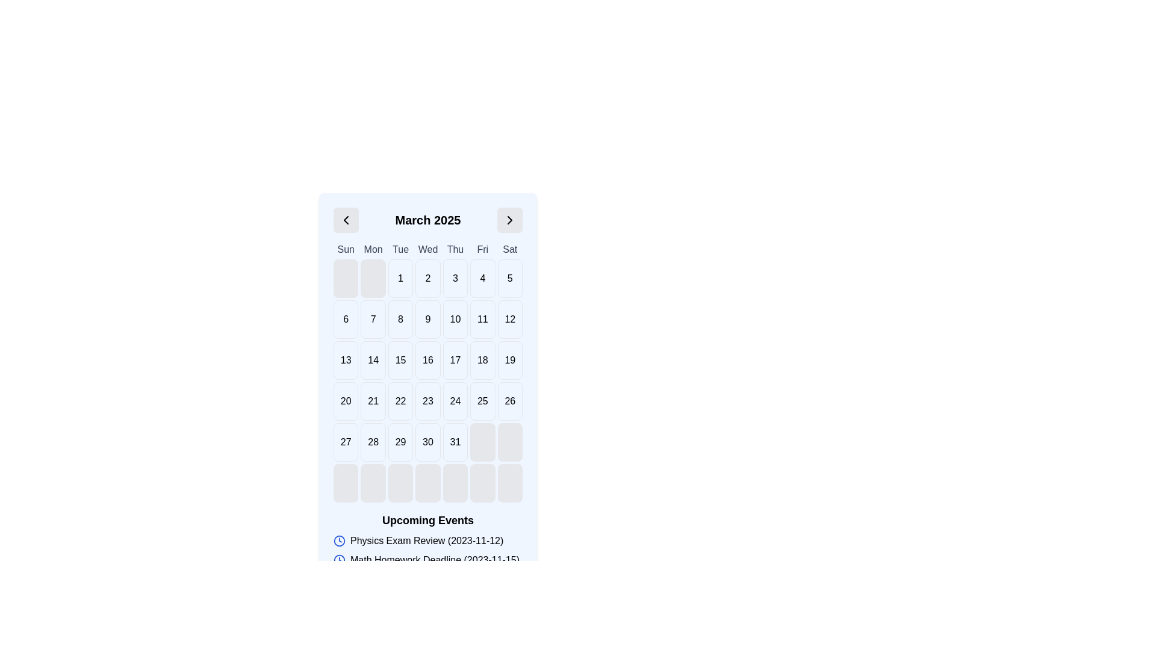 This screenshot has width=1156, height=650. I want to click on the clickable date field representing the date '3' in the March 2025 calendar grid, so click(455, 278).